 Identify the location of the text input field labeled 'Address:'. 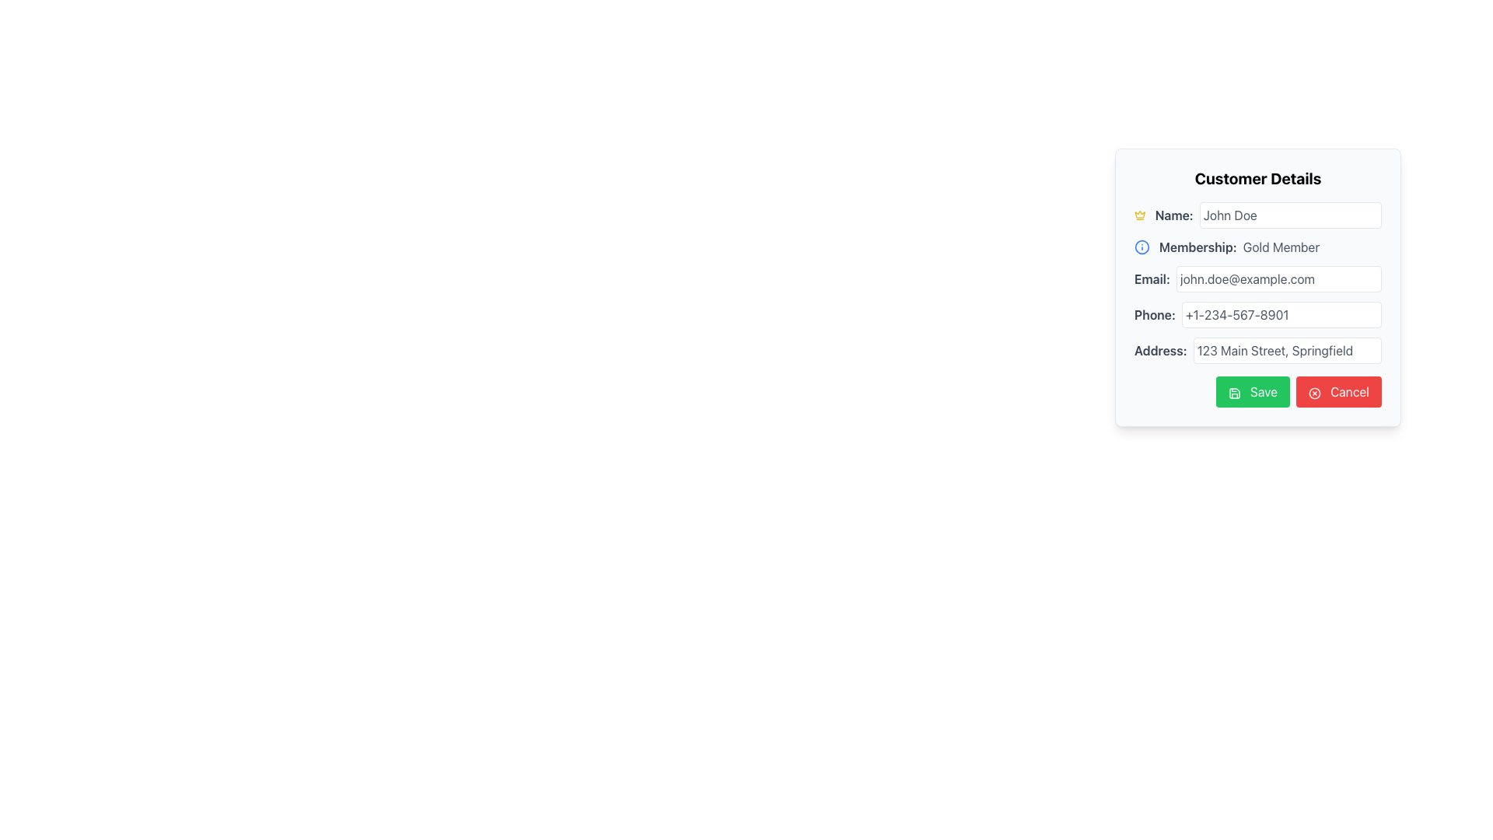
(1287, 351).